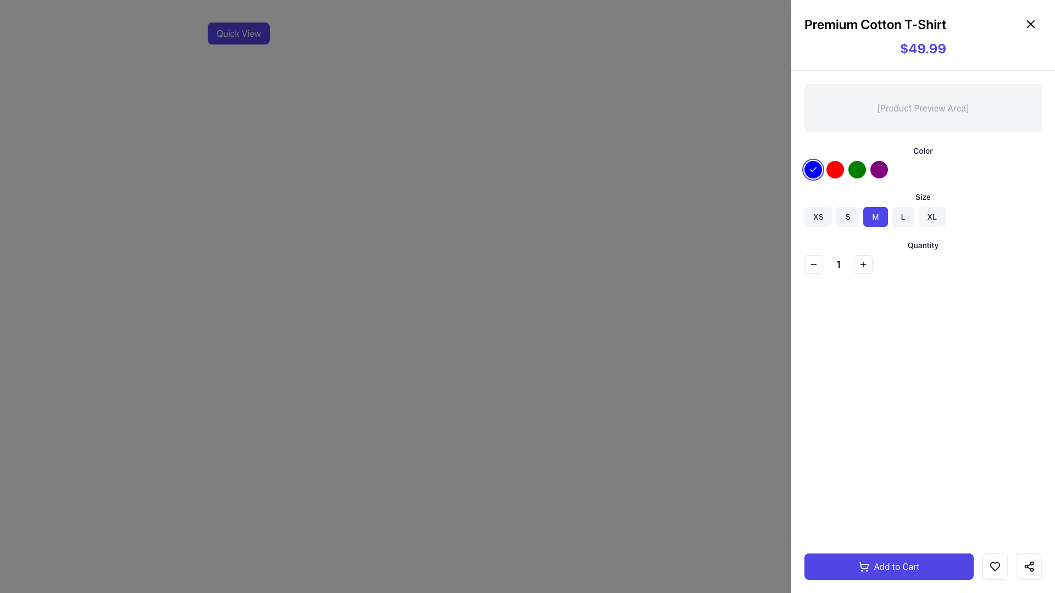 This screenshot has width=1055, height=593. What do you see at coordinates (889, 567) in the screenshot?
I see `the 'Add to Cart' button located at the bottom center of the panel, just above the 'Heart' and 'Share' icons` at bounding box center [889, 567].